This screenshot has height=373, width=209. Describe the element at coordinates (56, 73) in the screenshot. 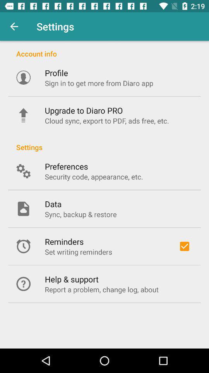

I see `profile icon` at that location.